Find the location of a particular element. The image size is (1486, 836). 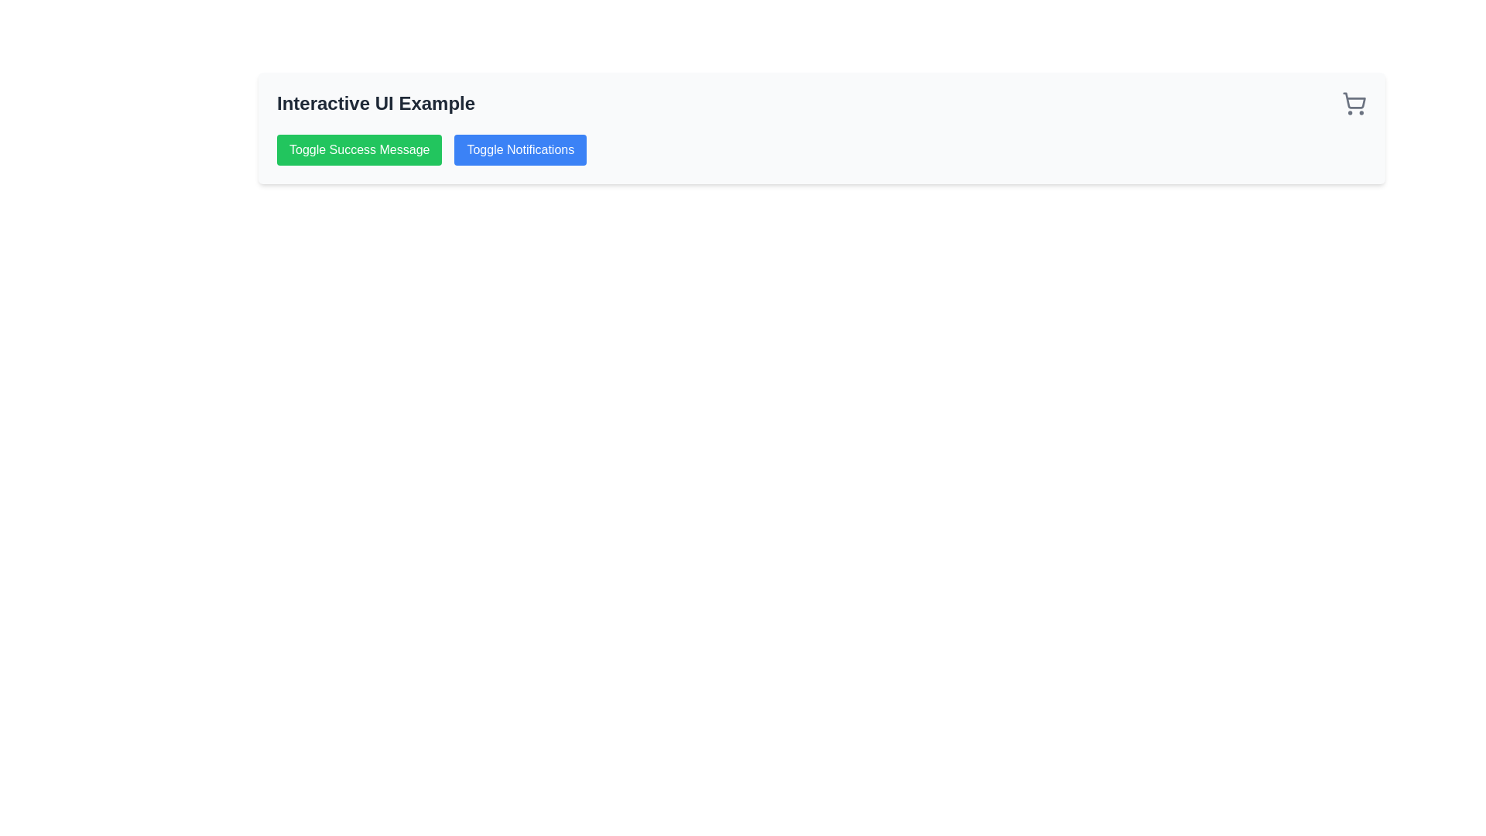

the shopping cart icon located in the upper-right corner next to the 'Interactive UI Example' text to initiate a cart-related action is located at coordinates (1354, 104).